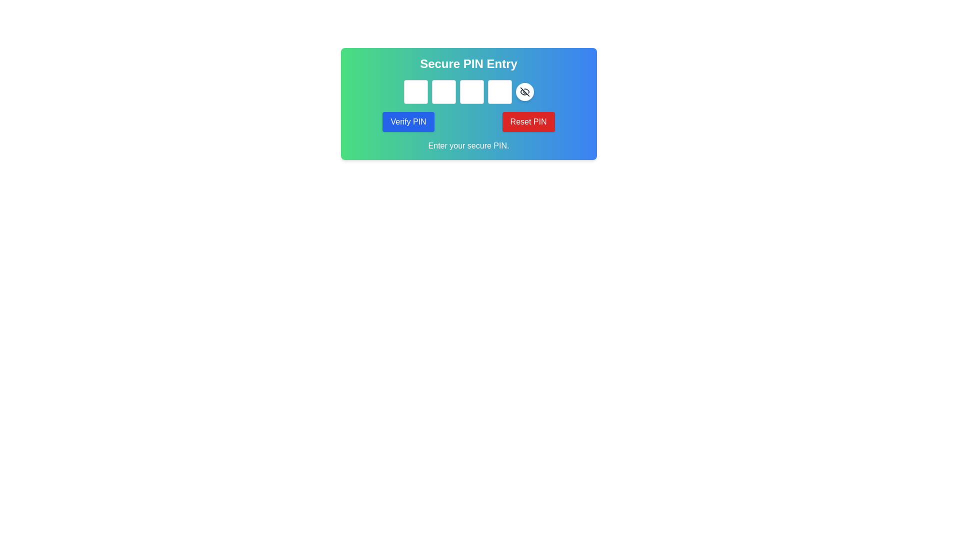 The image size is (960, 540). What do you see at coordinates (527, 121) in the screenshot?
I see `the Reset PIN button, which is the second button located to the right of the Verify PIN button, to clear any entered digits and prepare for a new PIN entry` at bounding box center [527, 121].